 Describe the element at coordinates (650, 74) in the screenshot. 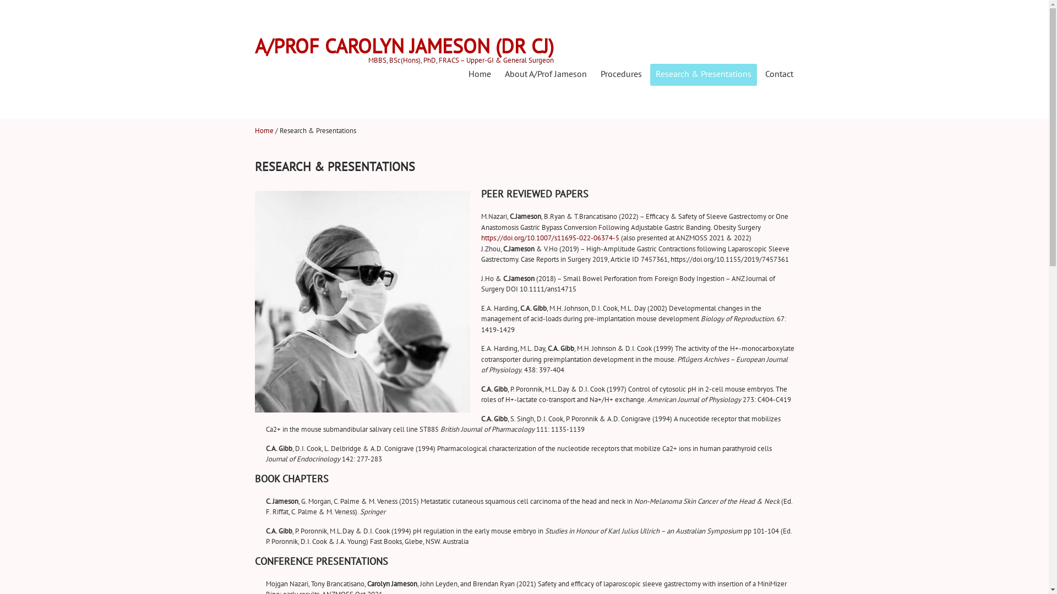

I see `'Research & Presentations'` at that location.